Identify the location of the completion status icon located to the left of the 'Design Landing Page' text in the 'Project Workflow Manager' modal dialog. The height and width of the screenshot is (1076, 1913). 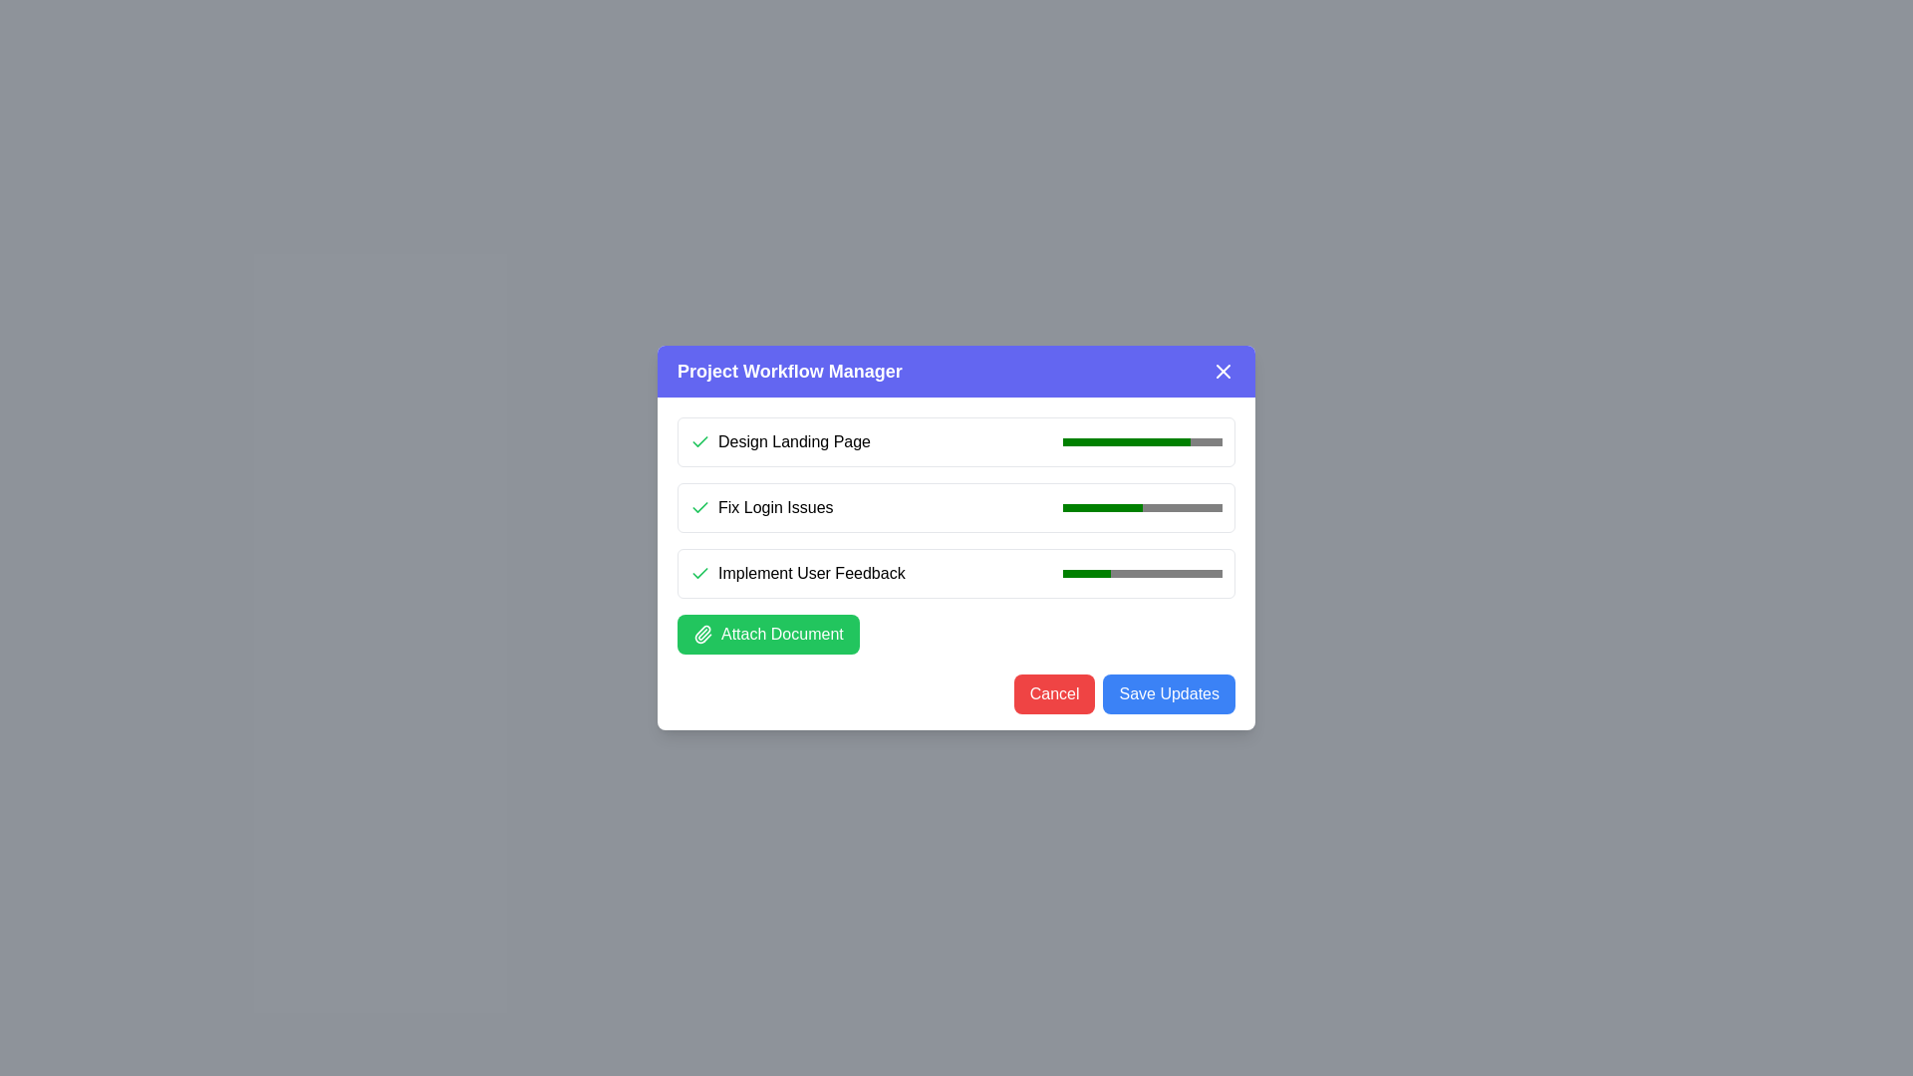
(699, 506).